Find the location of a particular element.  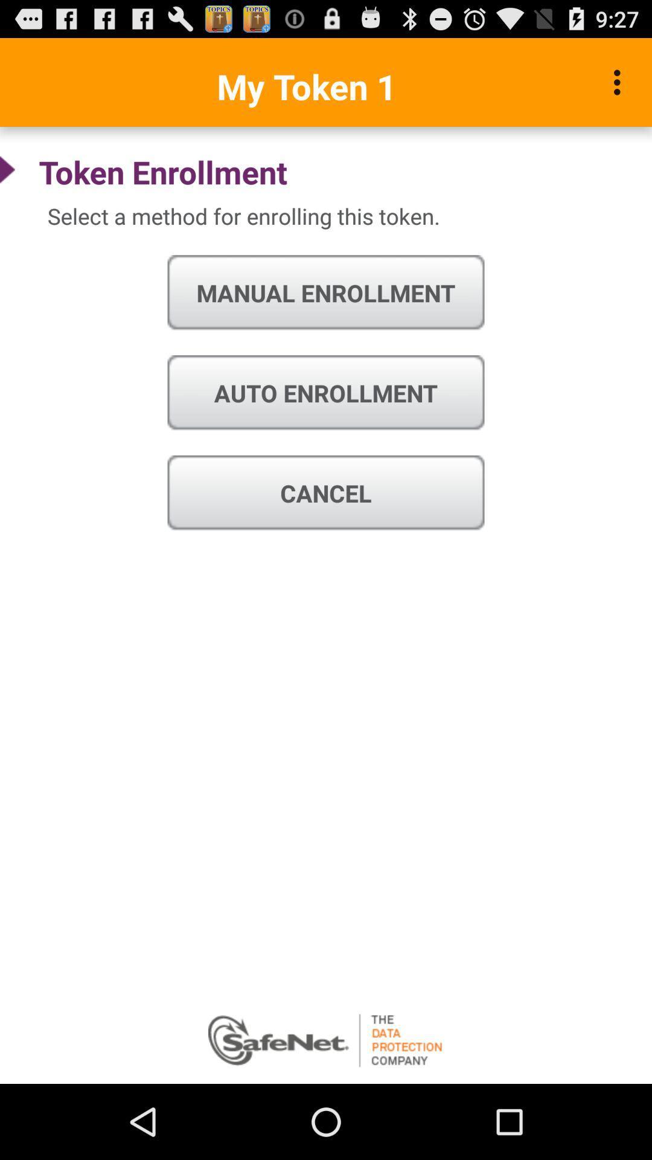

icon at the top right corner is located at coordinates (620, 82).